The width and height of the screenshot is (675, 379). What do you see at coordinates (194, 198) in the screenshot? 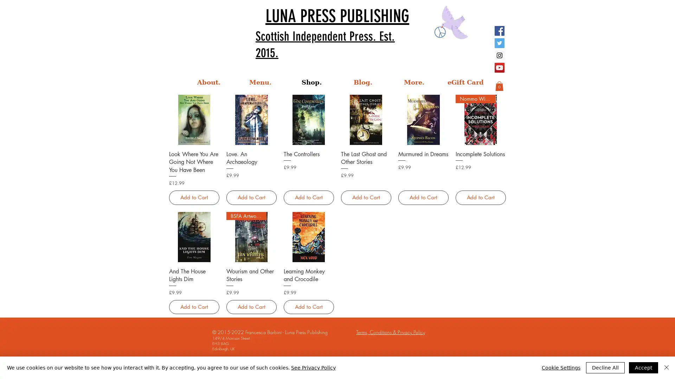
I see `Add to Cart` at bounding box center [194, 198].